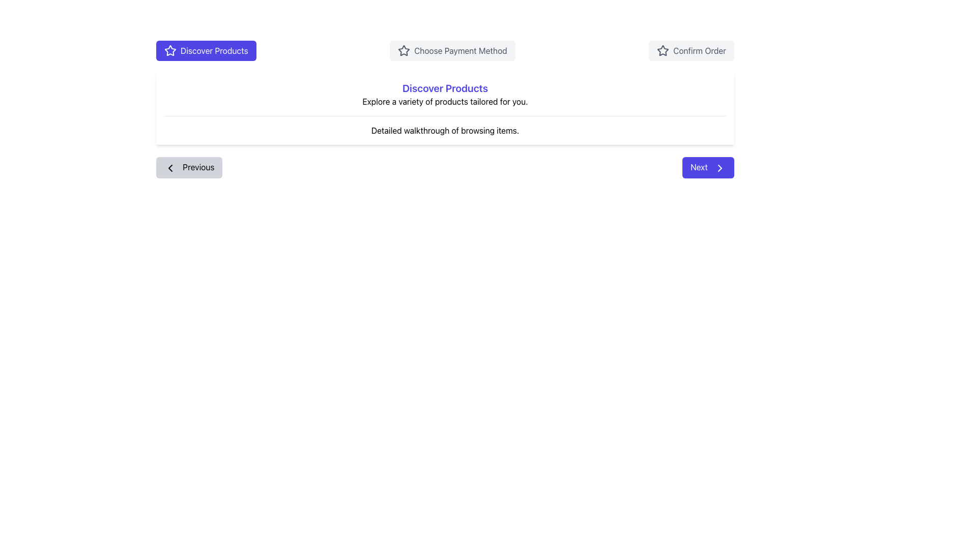 Image resolution: width=977 pixels, height=549 pixels. What do you see at coordinates (170, 51) in the screenshot?
I see `the star icon located to the left of the 'Discover Products' button, which serves as a visual identifier for the button's purpose` at bounding box center [170, 51].